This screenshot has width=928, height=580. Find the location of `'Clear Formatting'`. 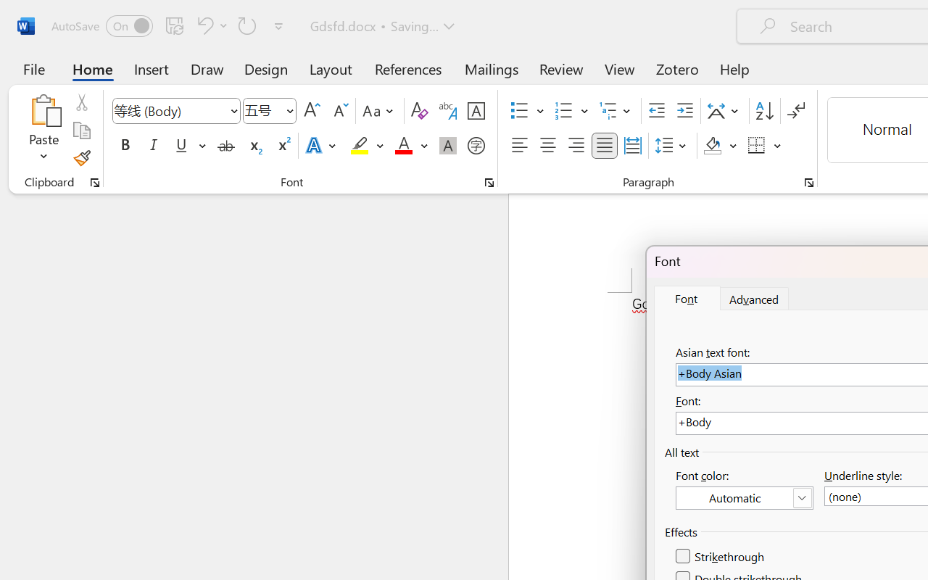

'Clear Formatting' is located at coordinates (418, 111).